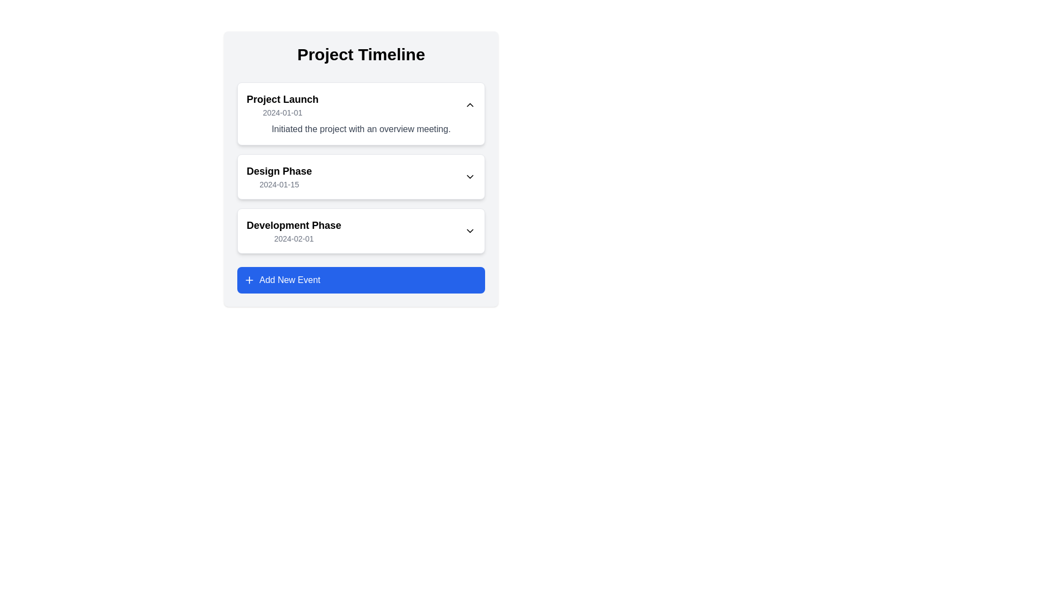  What do you see at coordinates (361, 169) in the screenshot?
I see `on the 'Design Phase' timeline entry, which is the second item in the timeline interface` at bounding box center [361, 169].